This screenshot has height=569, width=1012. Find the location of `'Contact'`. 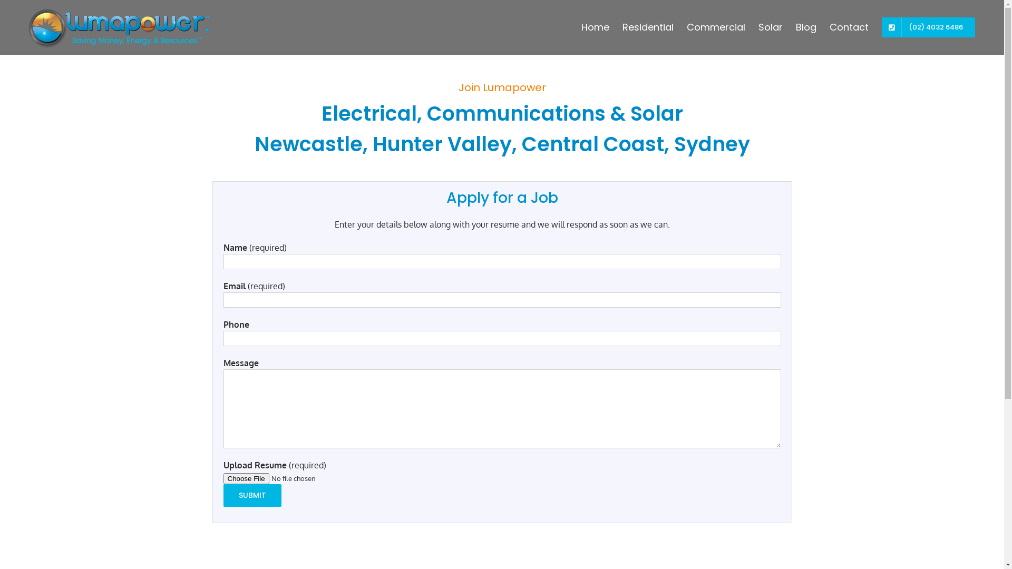

'Contact' is located at coordinates (829, 26).